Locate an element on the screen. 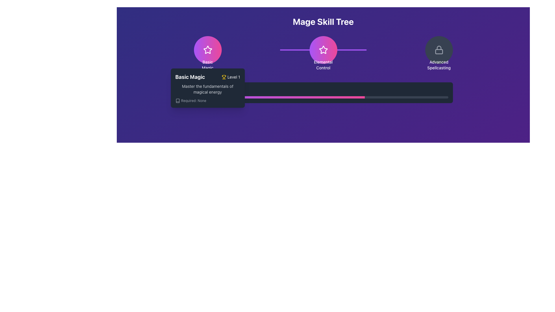 The height and width of the screenshot is (312, 555). the associated 'Basic Magic' skill icon above the descriptive label by clicking on it is located at coordinates (208, 65).